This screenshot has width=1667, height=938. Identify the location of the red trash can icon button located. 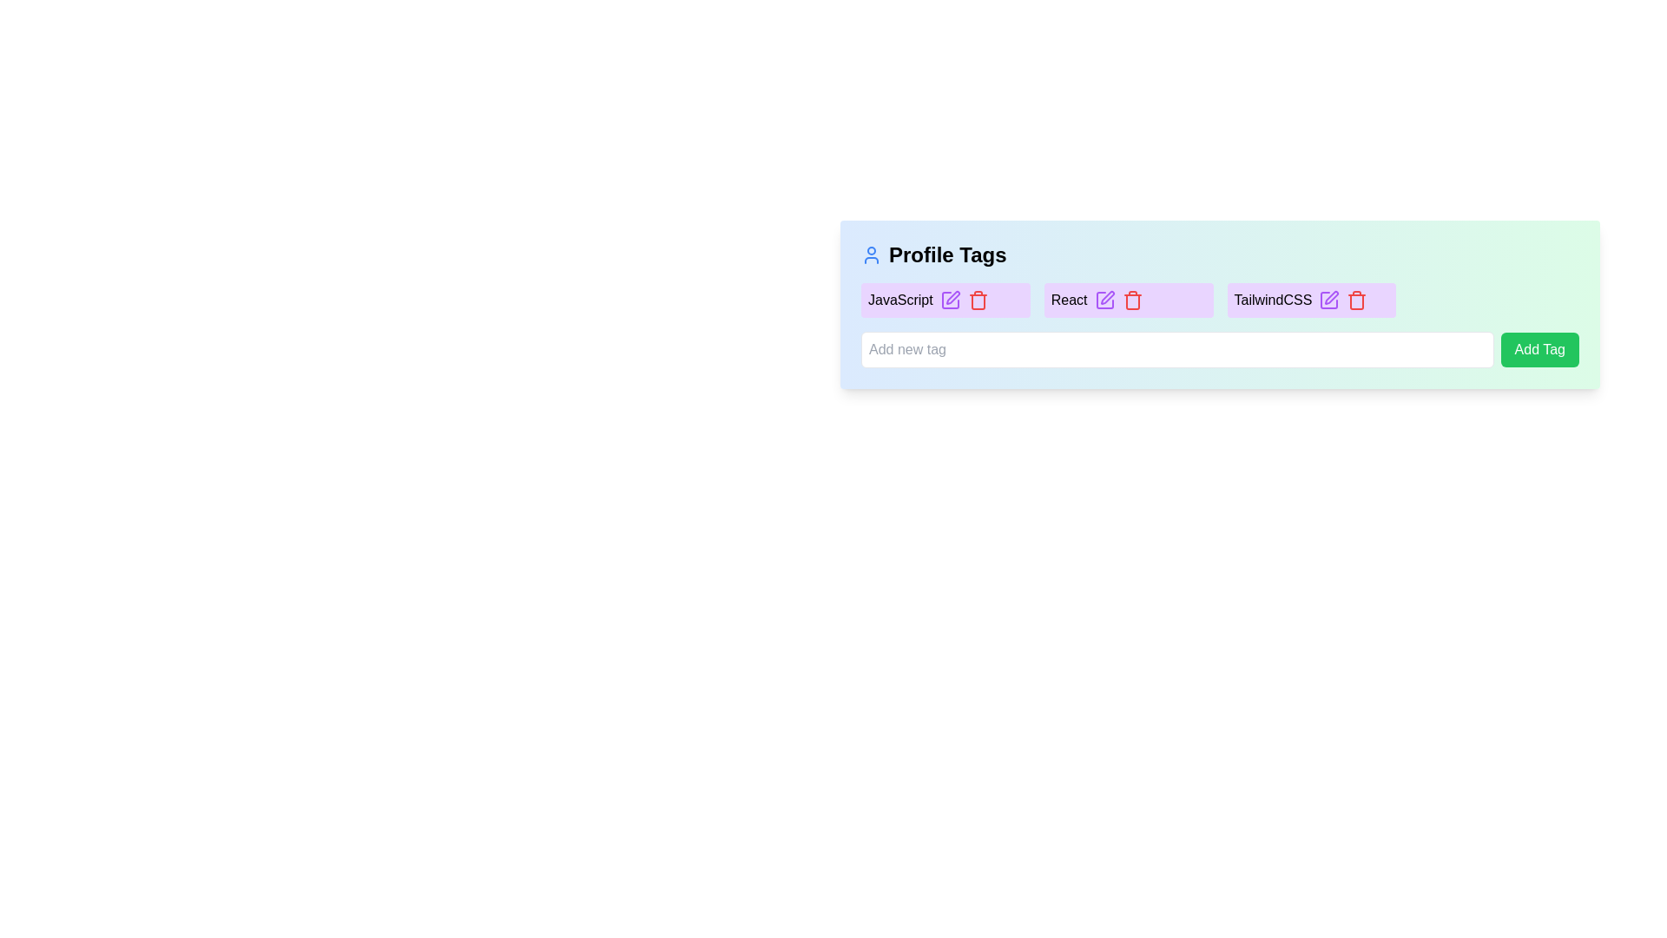
(1132, 300).